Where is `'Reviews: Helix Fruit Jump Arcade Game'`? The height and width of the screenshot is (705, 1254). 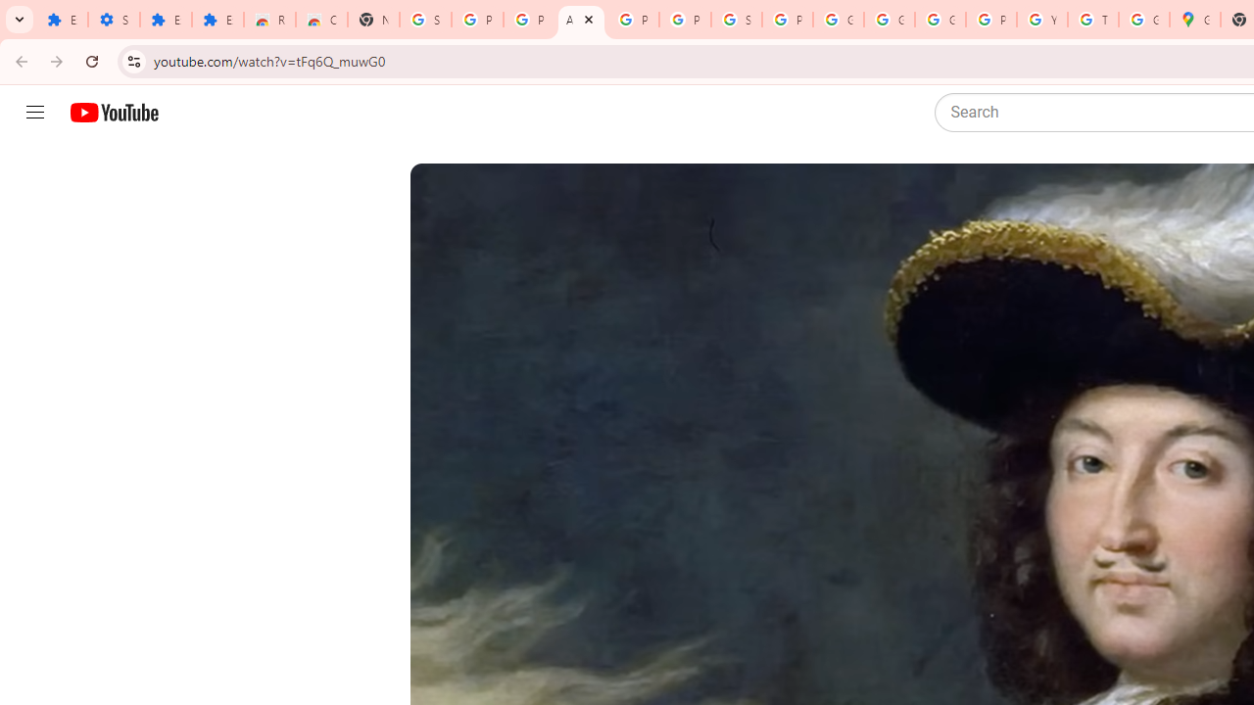 'Reviews: Helix Fruit Jump Arcade Game' is located at coordinates (268, 20).